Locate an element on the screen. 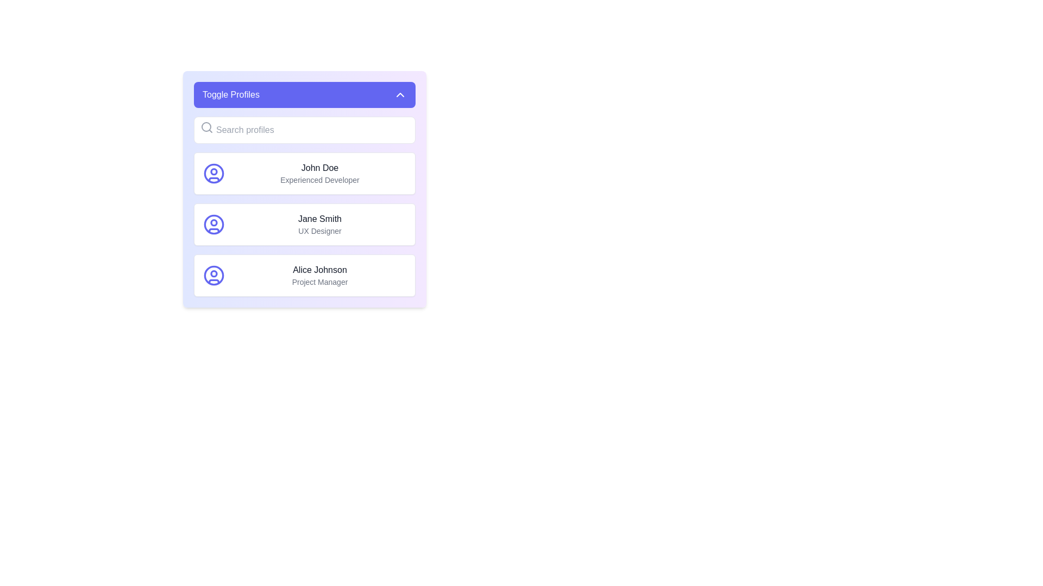 Image resolution: width=1043 pixels, height=586 pixels. the text label displaying 'Project Manager' located beneath the name 'Alice Johnson' in the profile entry is located at coordinates (319, 282).